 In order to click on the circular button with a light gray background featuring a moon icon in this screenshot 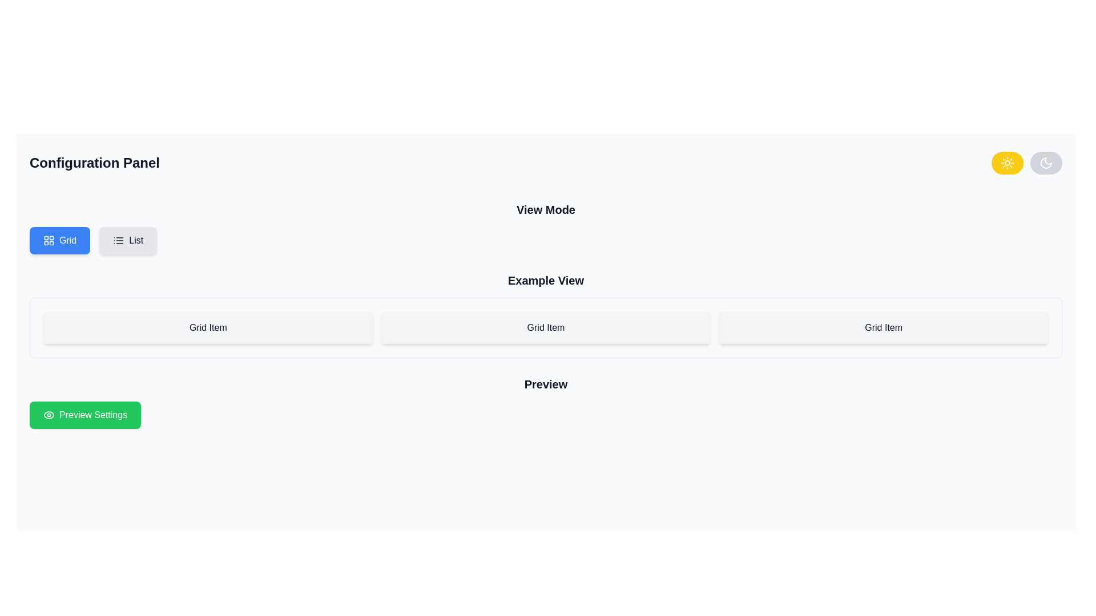, I will do `click(1046, 163)`.